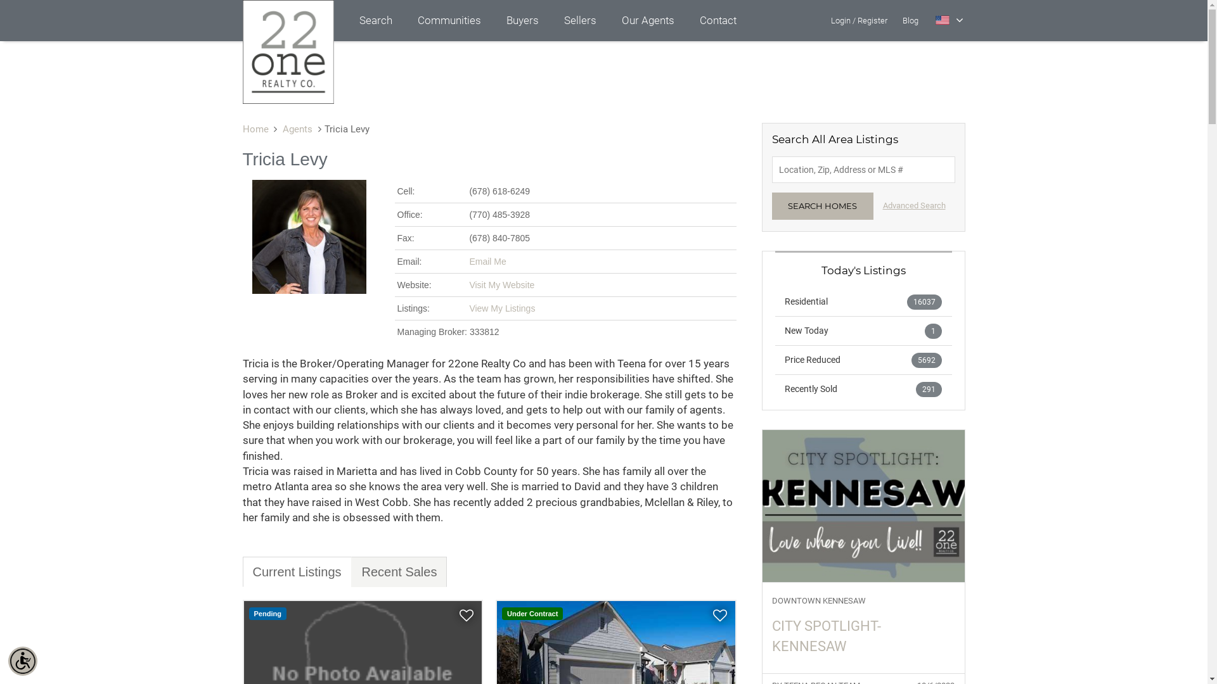  What do you see at coordinates (449, 20) in the screenshot?
I see `'Communities'` at bounding box center [449, 20].